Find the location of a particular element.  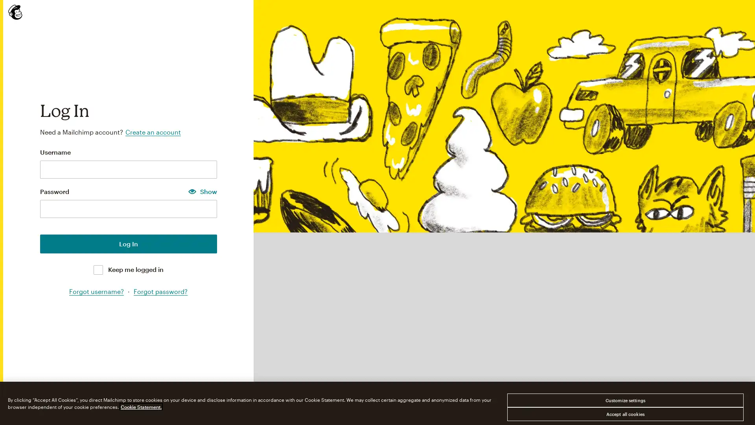

Log In is located at coordinates (128, 243).